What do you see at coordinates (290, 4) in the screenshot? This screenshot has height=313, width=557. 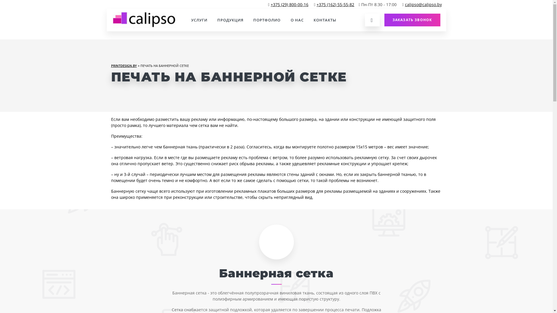 I see `'+375 (29) 800-00-16'` at bounding box center [290, 4].